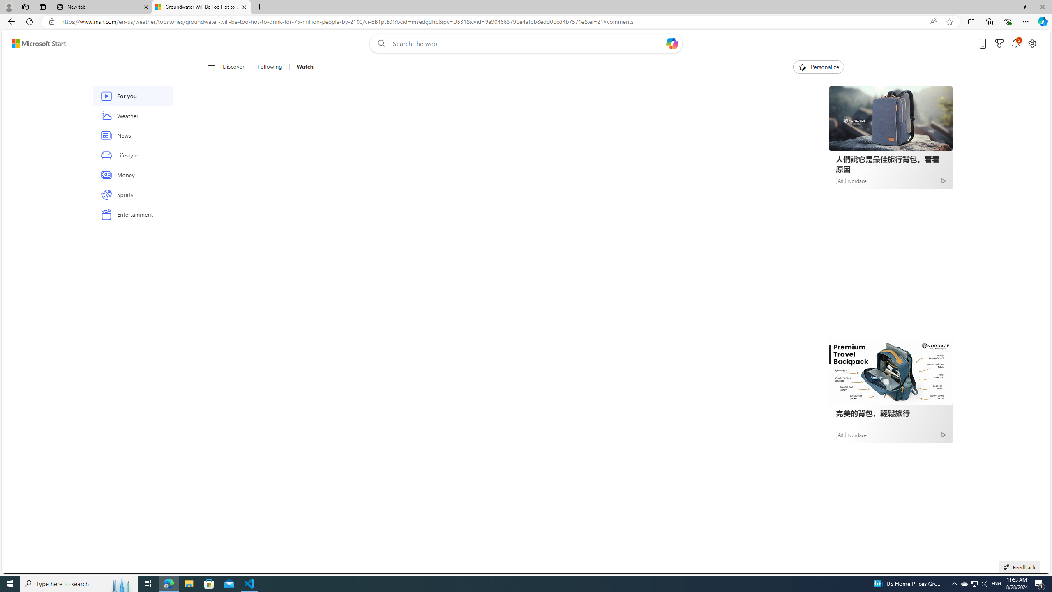 The width and height of the screenshot is (1052, 592). I want to click on 'Class: button-glyph', so click(211, 67).